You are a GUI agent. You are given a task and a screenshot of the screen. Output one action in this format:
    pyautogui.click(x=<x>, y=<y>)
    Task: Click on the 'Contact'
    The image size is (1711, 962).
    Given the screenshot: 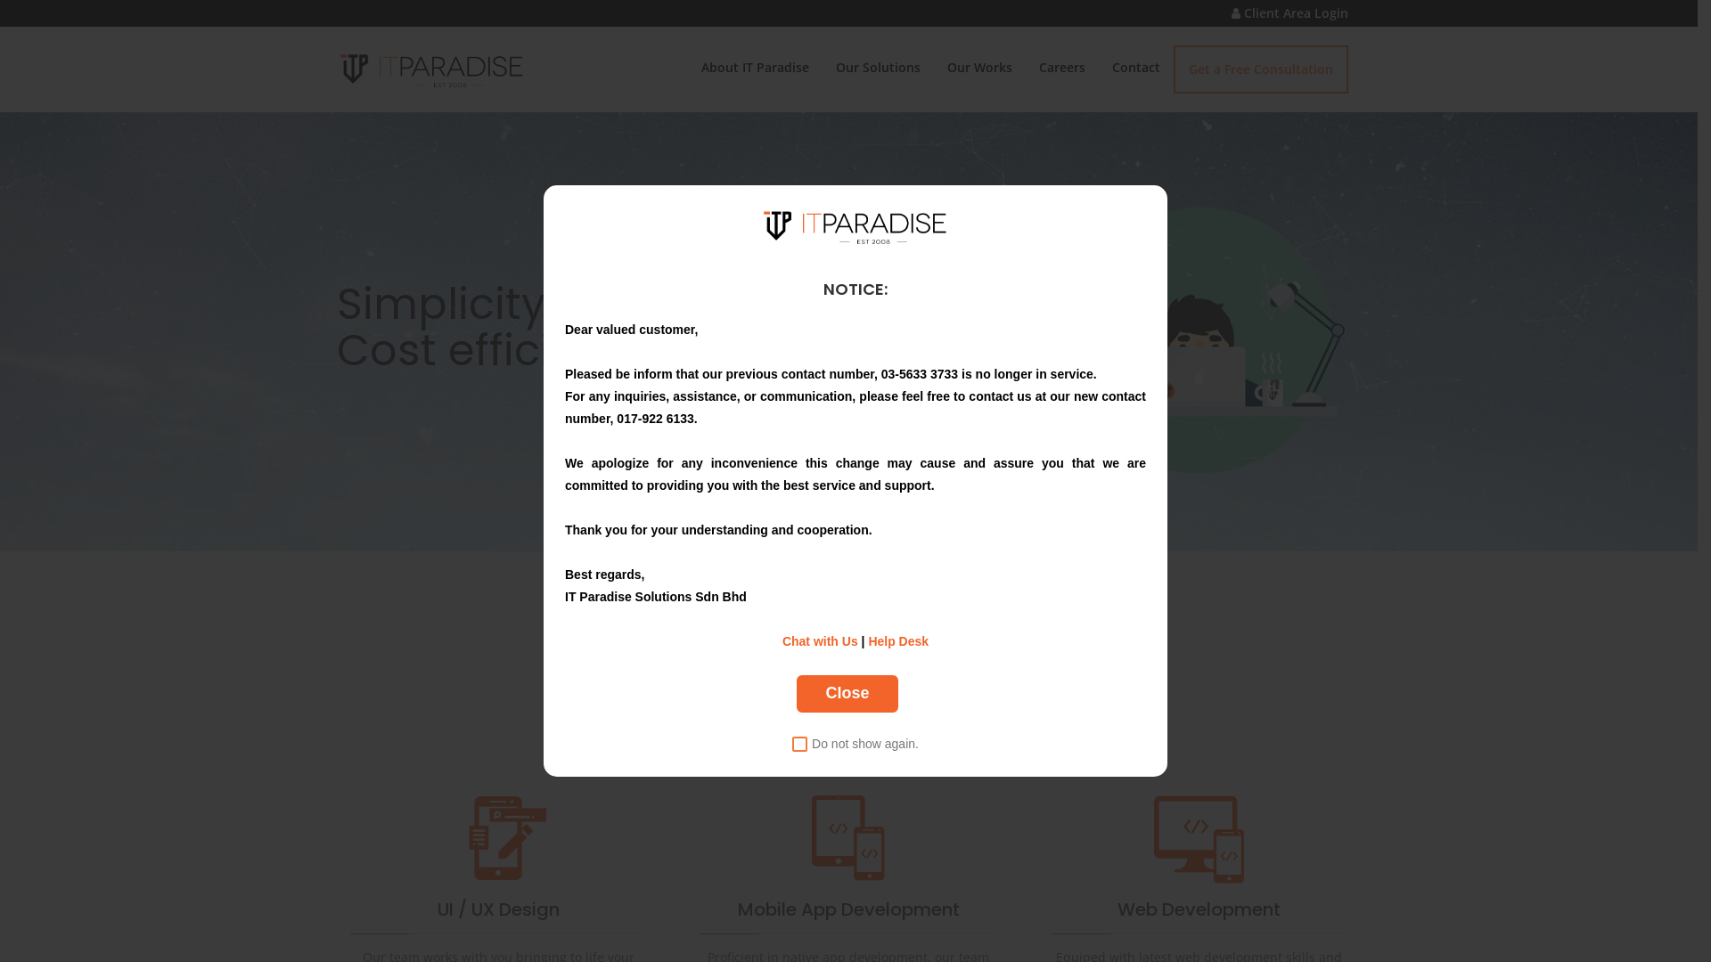 What is the action you would take?
    pyautogui.click(x=1134, y=67)
    